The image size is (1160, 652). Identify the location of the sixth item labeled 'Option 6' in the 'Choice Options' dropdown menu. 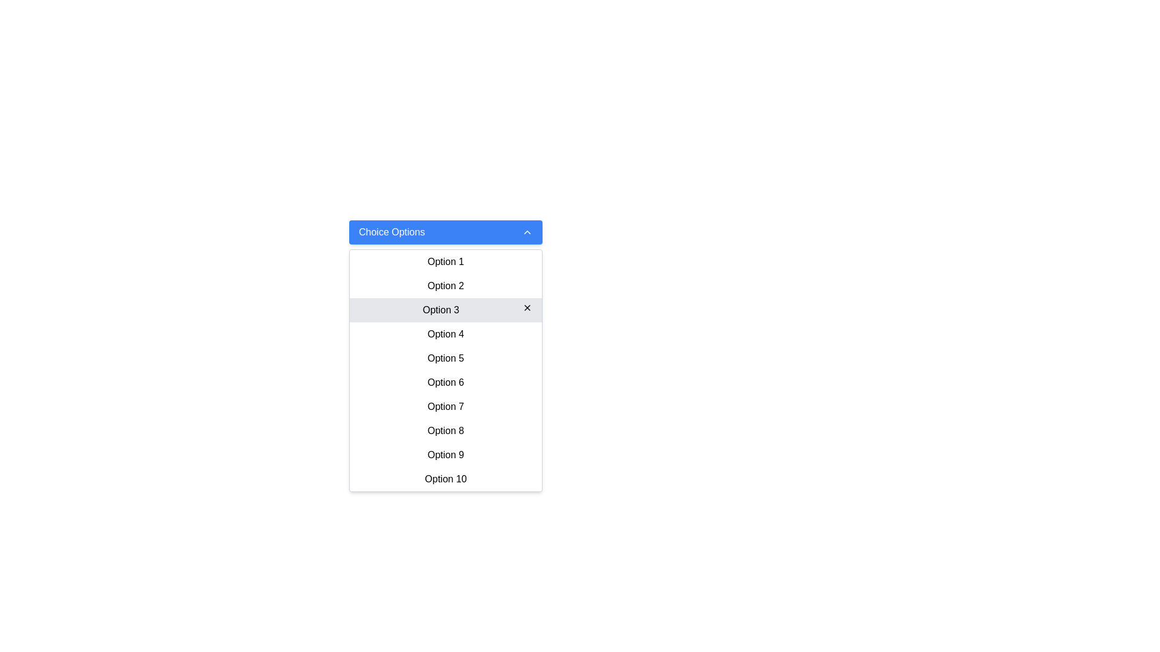
(445, 382).